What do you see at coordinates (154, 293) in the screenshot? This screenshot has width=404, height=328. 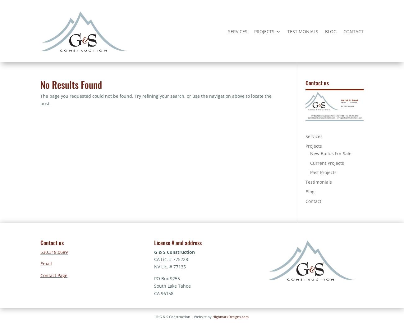 I see `'CA 96158'` at bounding box center [154, 293].